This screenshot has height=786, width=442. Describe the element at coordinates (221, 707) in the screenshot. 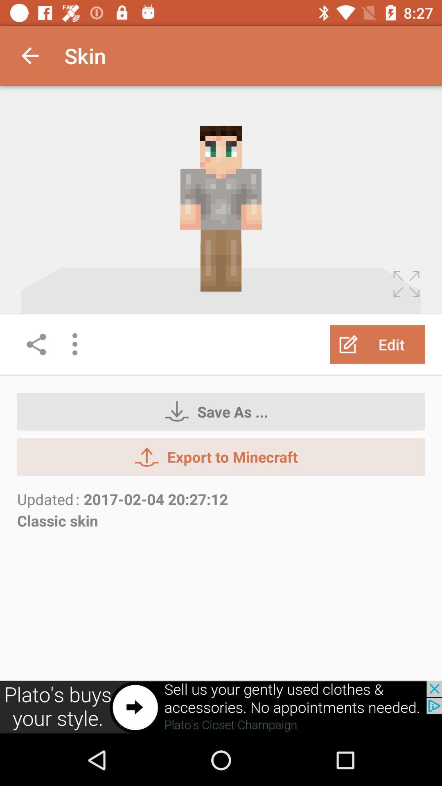

I see `open advertisement` at that location.